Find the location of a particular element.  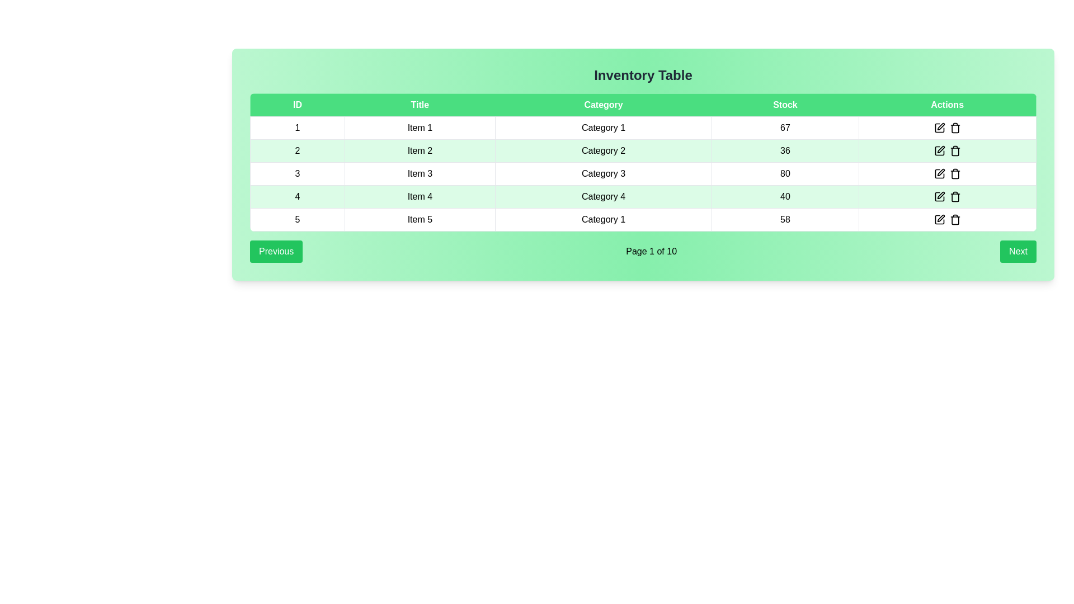

the edit button icon in the action column of the last row of the inventory table for 'Item 5' is located at coordinates (940, 218).